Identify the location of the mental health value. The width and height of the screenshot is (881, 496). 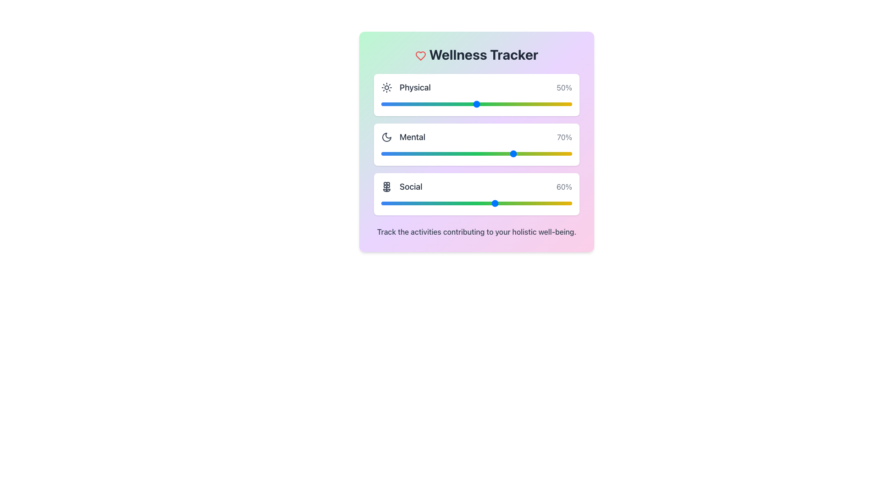
(566, 153).